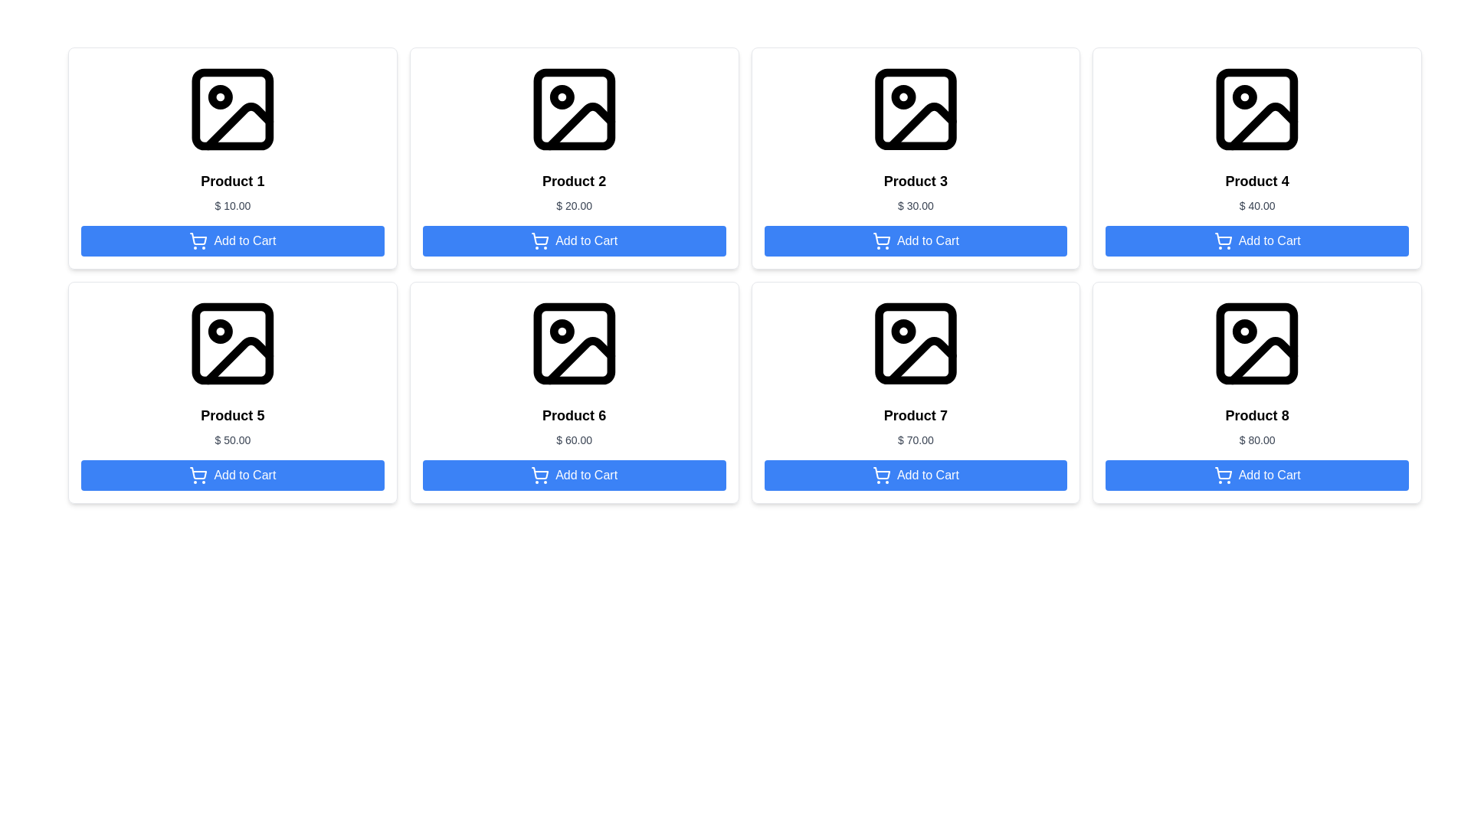  What do you see at coordinates (238, 361) in the screenshot?
I see `the iconographic decorative element in the product card for 'Product 5' located in the second row, first column of the grid layout` at bounding box center [238, 361].